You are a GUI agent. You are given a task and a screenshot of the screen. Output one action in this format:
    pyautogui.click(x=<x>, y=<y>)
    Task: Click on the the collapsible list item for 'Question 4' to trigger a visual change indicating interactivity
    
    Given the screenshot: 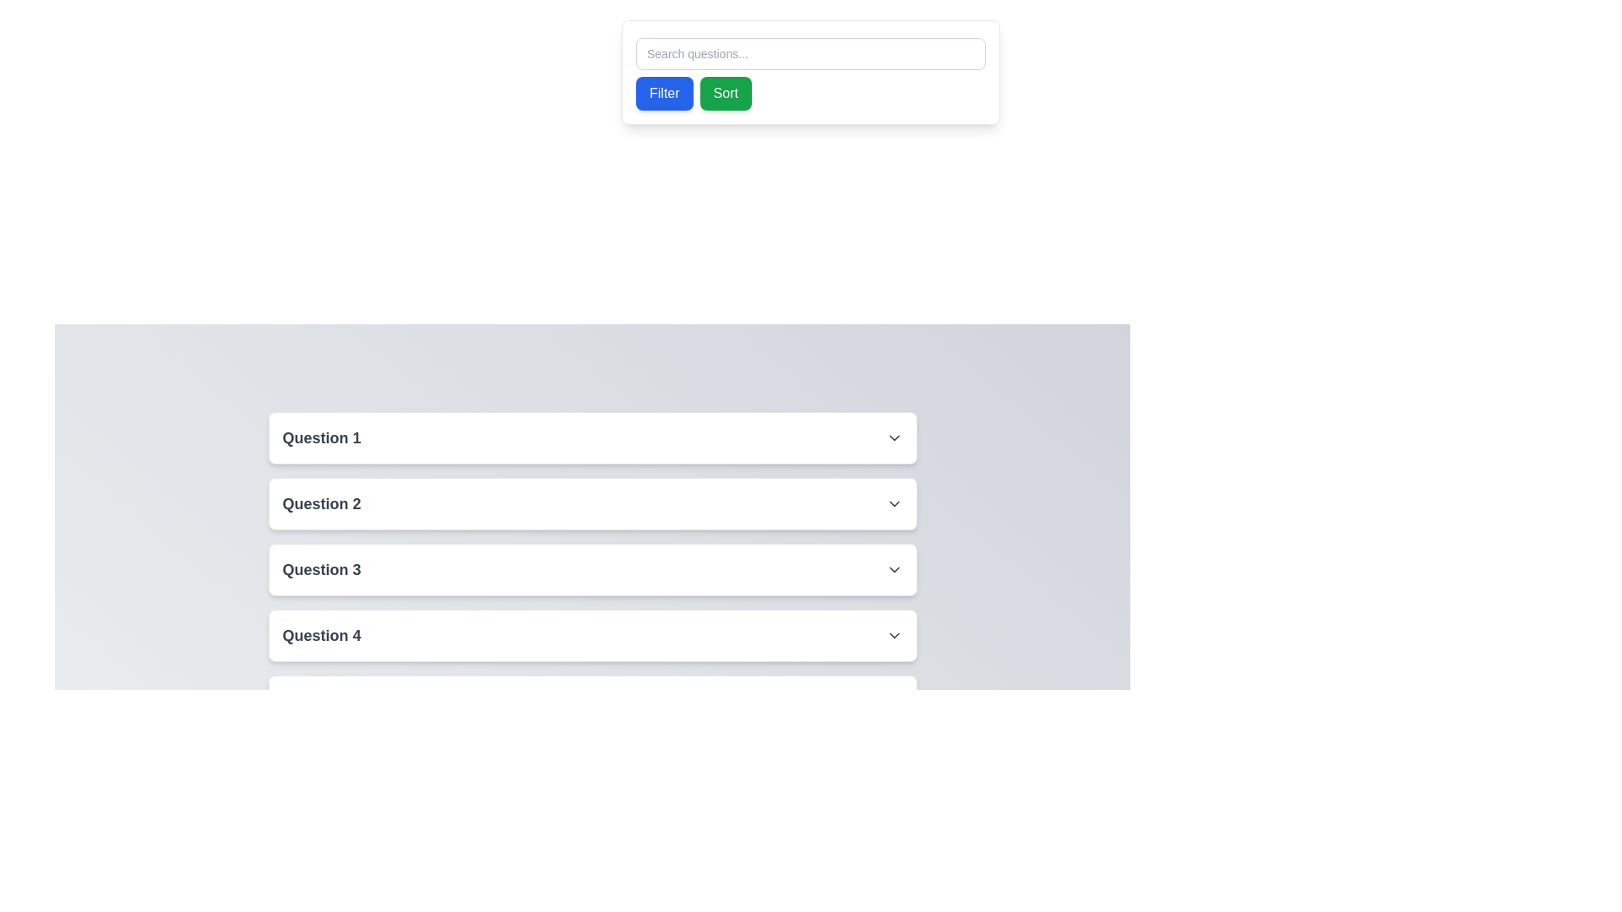 What is the action you would take?
    pyautogui.click(x=592, y=635)
    